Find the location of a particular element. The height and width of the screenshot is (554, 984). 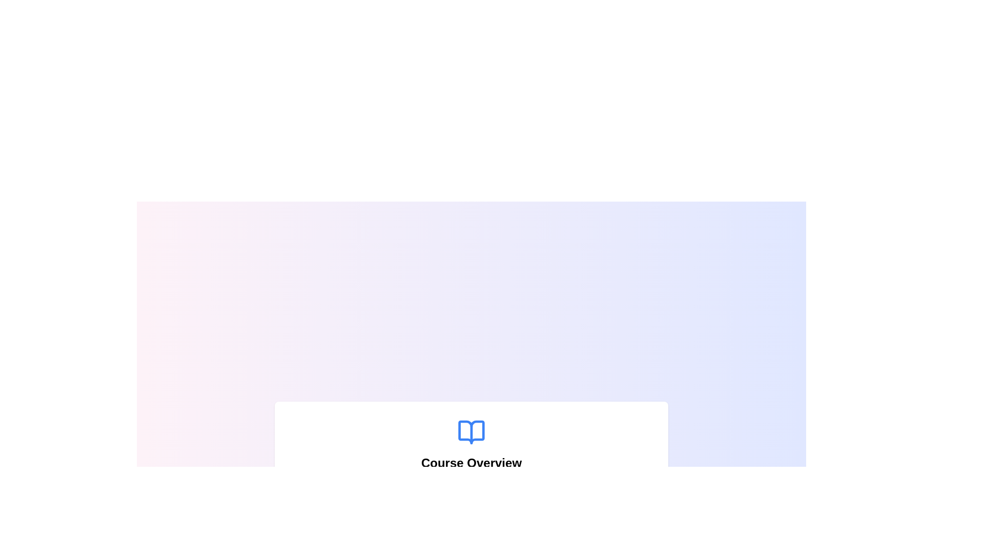

the first circular blue navigation indicator located below the 'Course Overview' area is located at coordinates (461, 536).